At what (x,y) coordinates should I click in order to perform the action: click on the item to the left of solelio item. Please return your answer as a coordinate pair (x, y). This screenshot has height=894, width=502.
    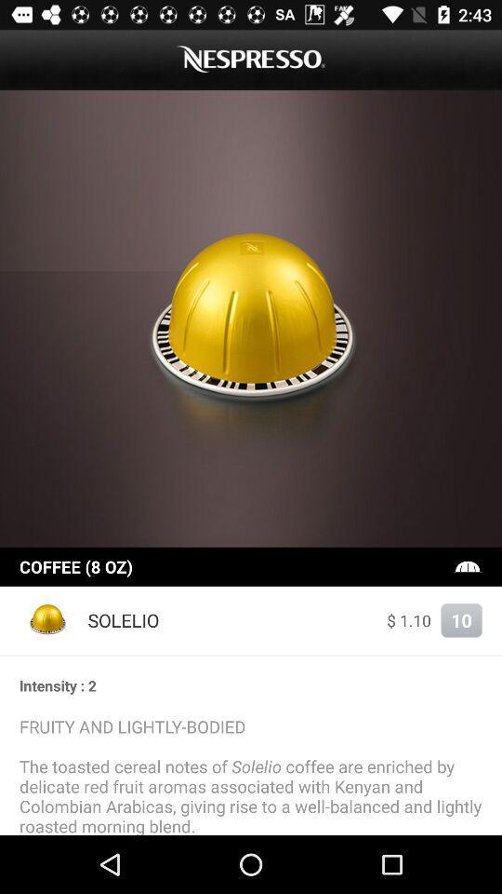
    Looking at the image, I should click on (48, 620).